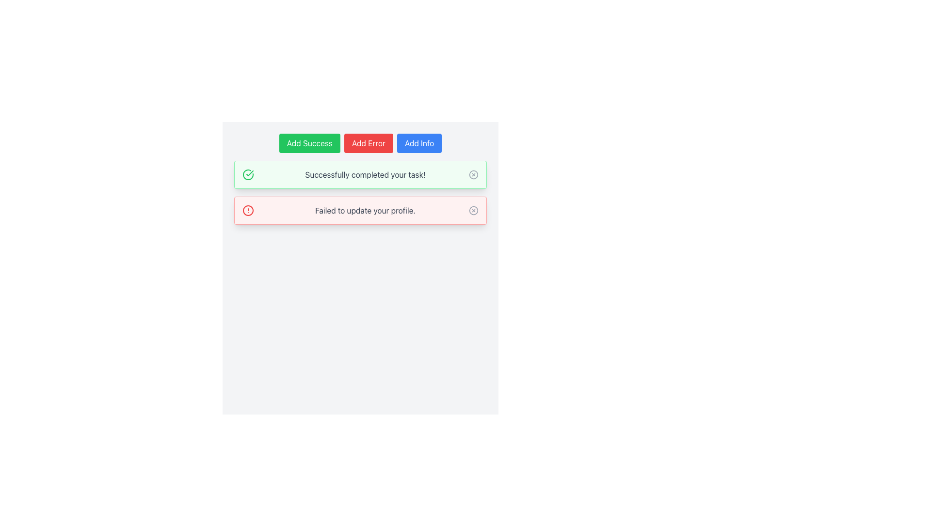 This screenshot has width=931, height=523. I want to click on the Dismiss Button (Icon) located at the far right of the notification panel to change its appearance, so click(474, 210).